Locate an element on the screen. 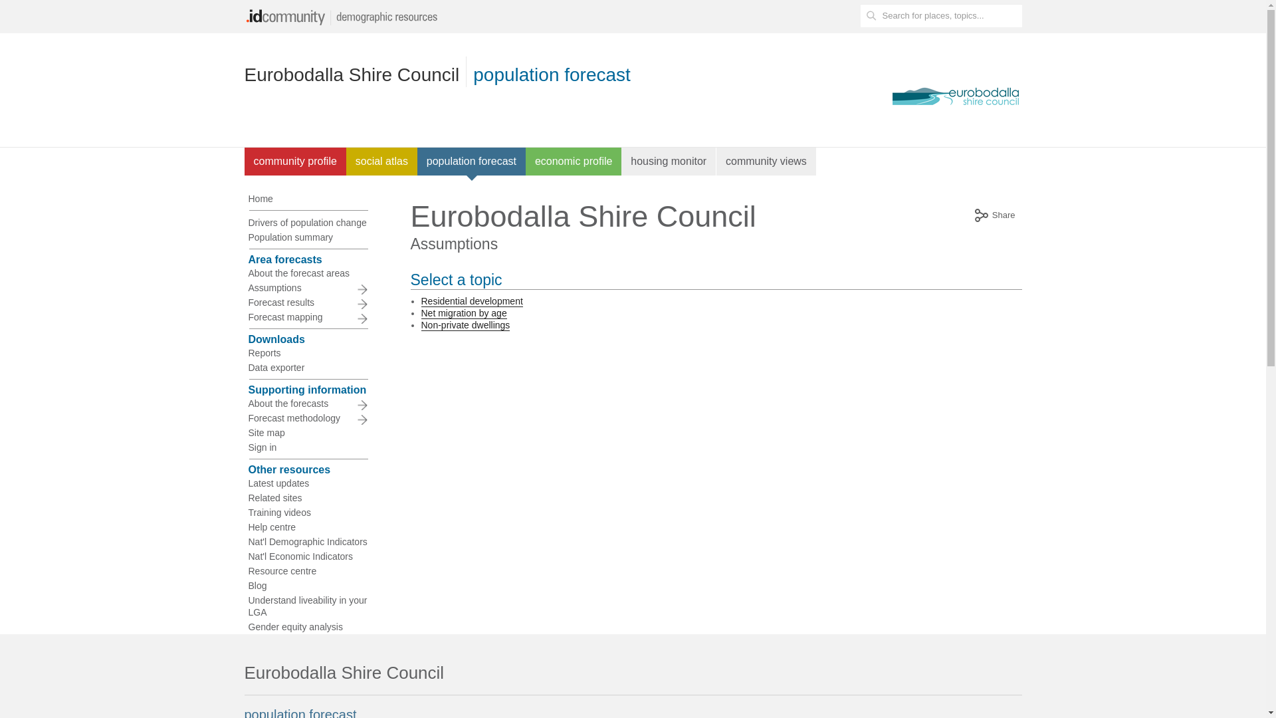 The height and width of the screenshot is (718, 1276). 'community profile' is located at coordinates (294, 161).